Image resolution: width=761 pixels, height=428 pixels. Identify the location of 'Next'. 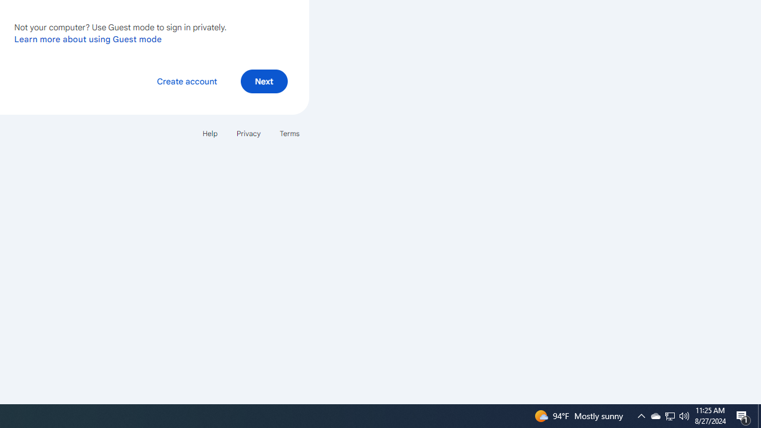
(263, 80).